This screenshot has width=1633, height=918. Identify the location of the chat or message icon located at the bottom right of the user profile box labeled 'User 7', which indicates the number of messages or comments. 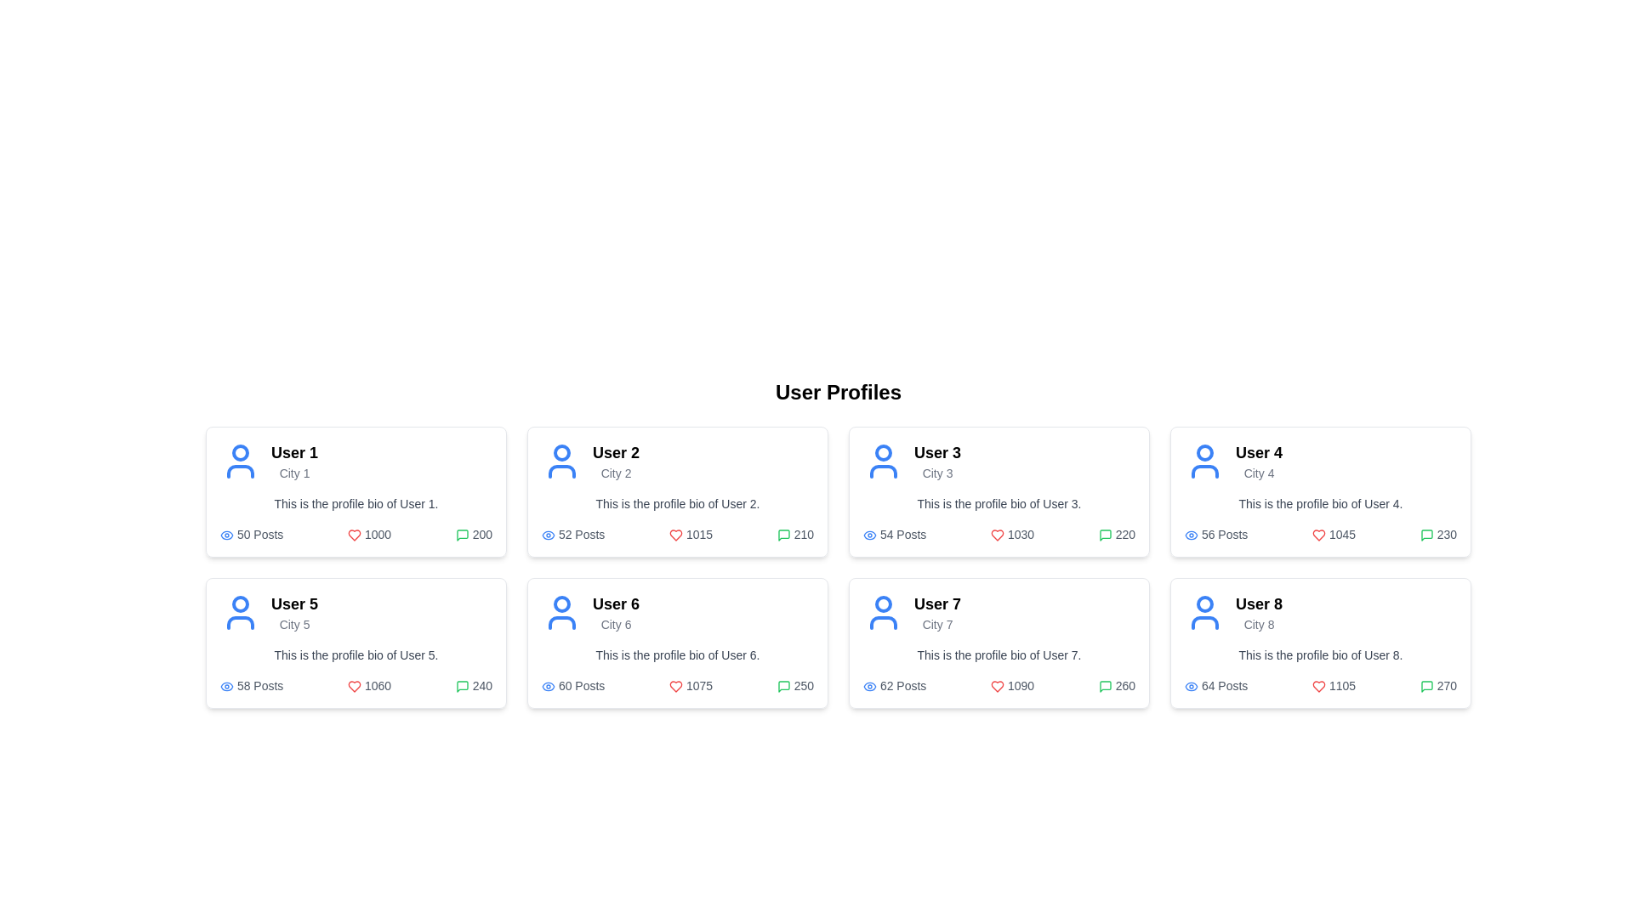
(1105, 686).